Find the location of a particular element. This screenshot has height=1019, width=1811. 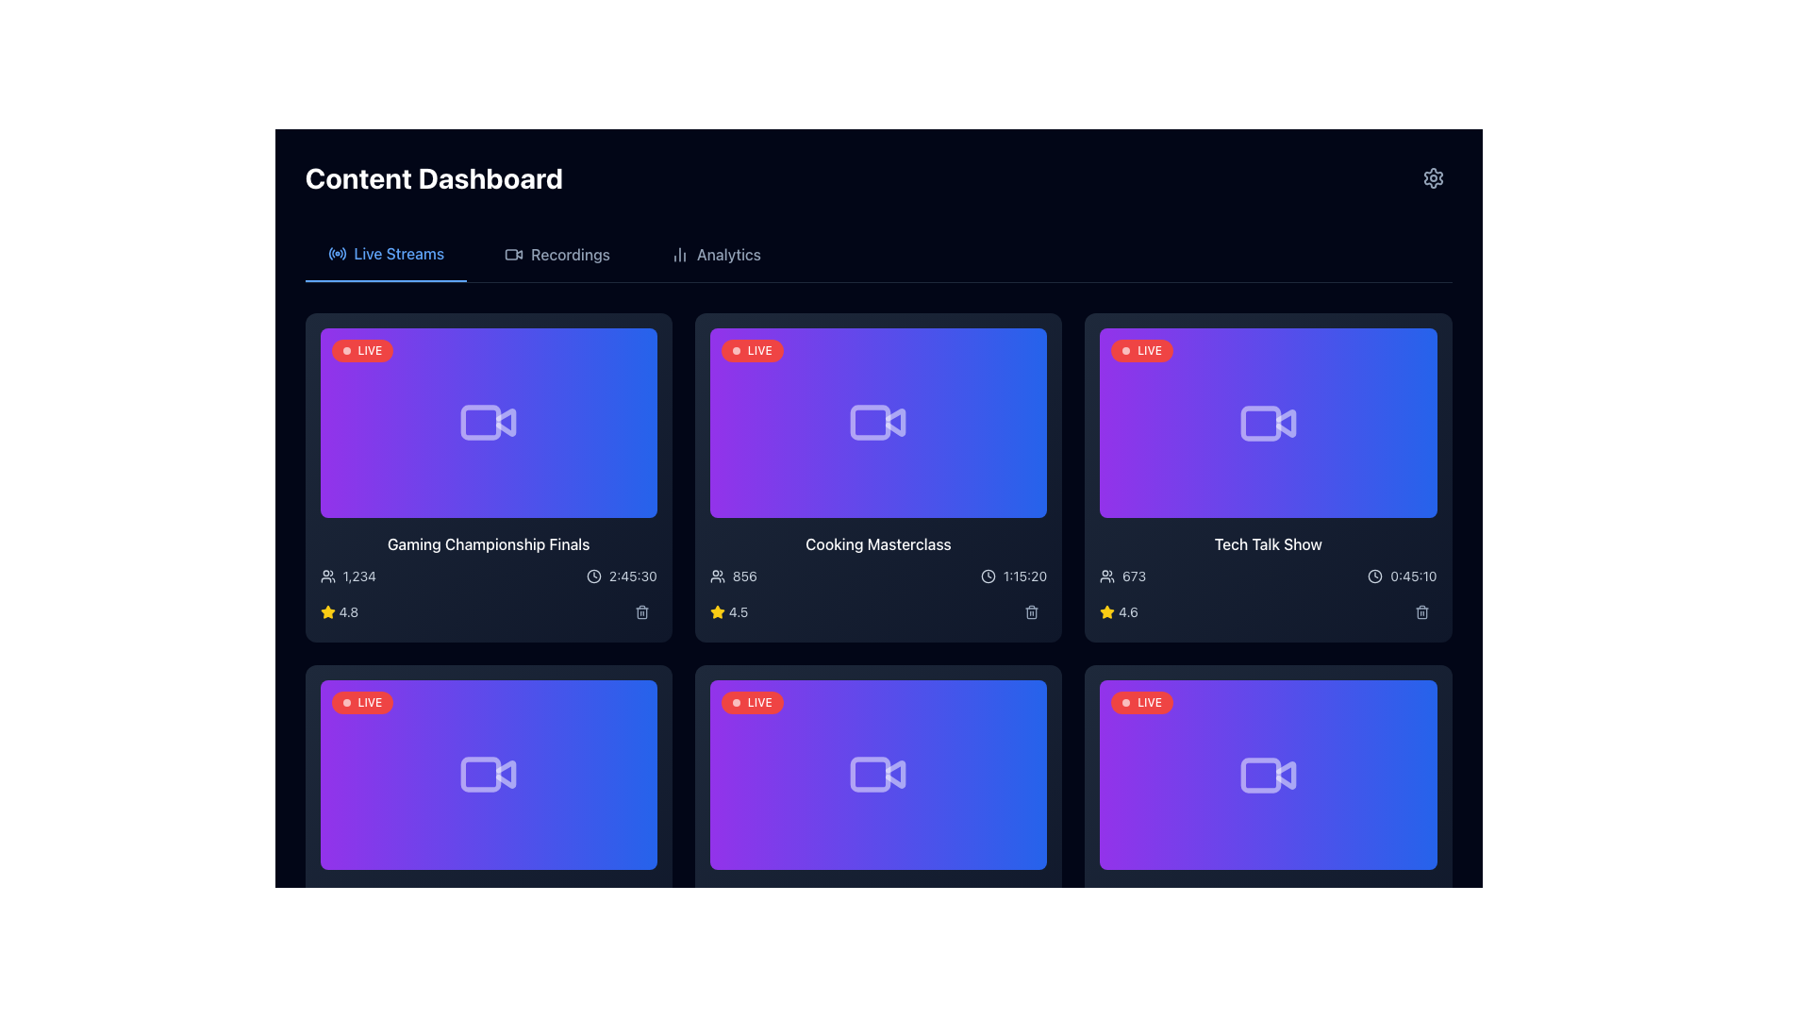

the Navigation tab located below the 'Content Dashboard' heading is located at coordinates (385, 255).